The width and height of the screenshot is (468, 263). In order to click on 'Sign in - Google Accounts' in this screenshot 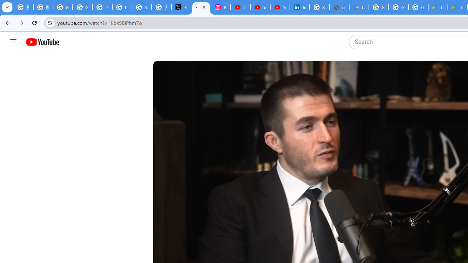, I will do `click(141, 7)`.